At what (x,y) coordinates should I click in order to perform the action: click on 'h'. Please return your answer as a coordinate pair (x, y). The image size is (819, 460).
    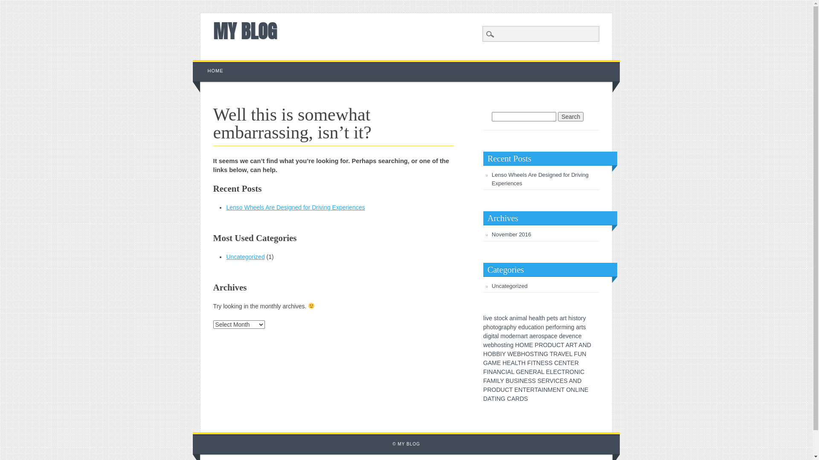
    Looking at the image, I should click on (496, 345).